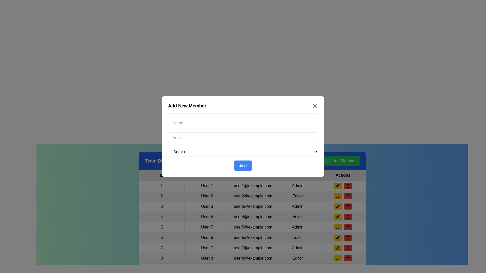 The image size is (486, 273). What do you see at coordinates (252, 196) in the screenshot?
I see `the email display field in the third column of the second row in the user data table, which shows the email address for the user with ID '2'` at bounding box center [252, 196].